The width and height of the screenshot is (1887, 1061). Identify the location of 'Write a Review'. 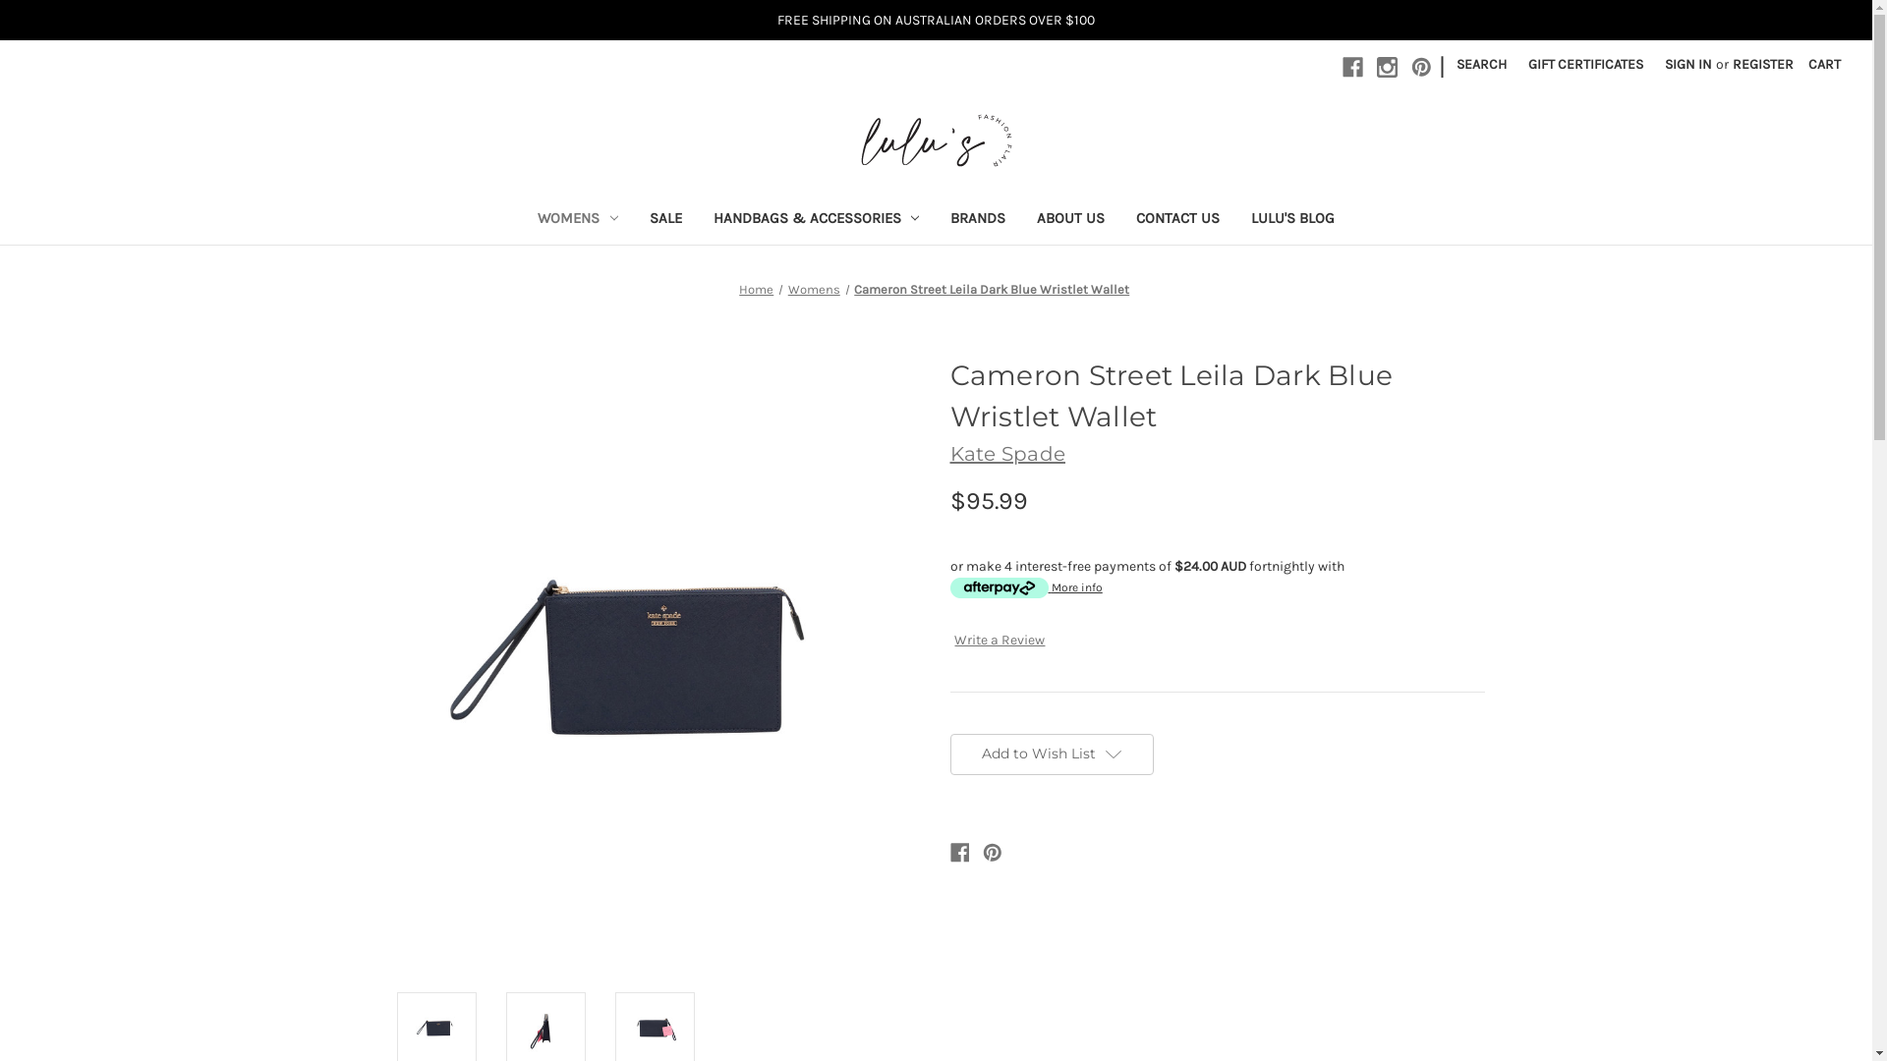
(953, 640).